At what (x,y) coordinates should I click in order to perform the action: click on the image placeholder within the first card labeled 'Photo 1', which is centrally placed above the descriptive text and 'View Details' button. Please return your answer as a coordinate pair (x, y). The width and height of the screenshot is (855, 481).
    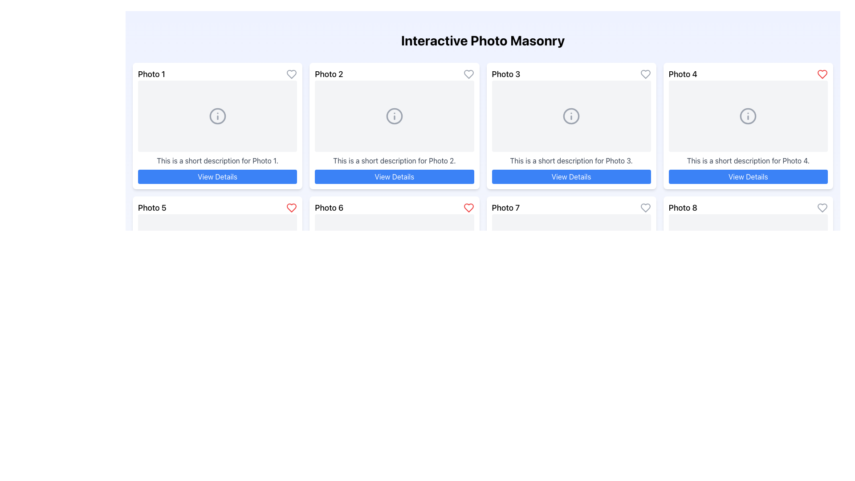
    Looking at the image, I should click on (217, 116).